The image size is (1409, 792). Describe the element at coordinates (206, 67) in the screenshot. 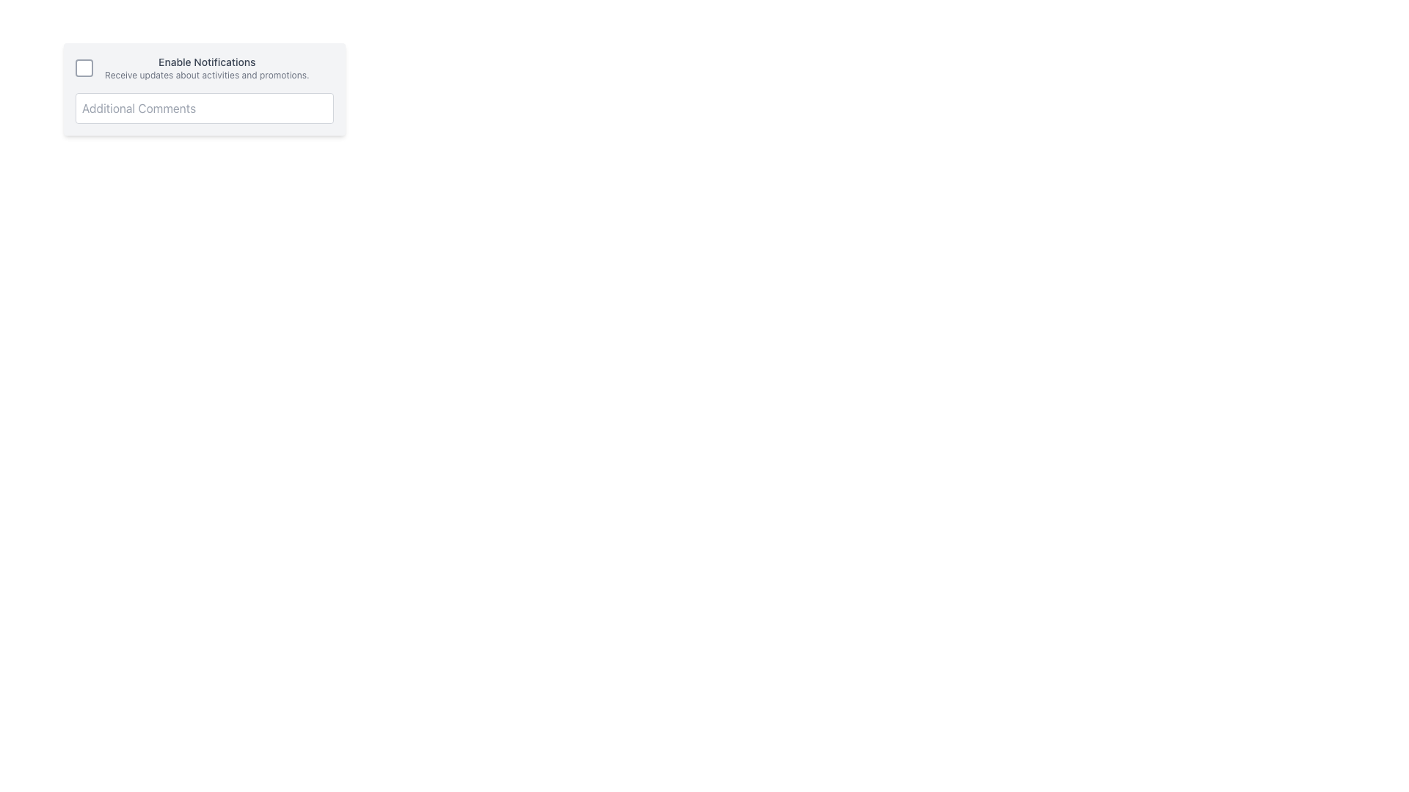

I see `text from the label that states 'Enable Notifications' and 'Receive updates about activities and promotions.'` at that location.